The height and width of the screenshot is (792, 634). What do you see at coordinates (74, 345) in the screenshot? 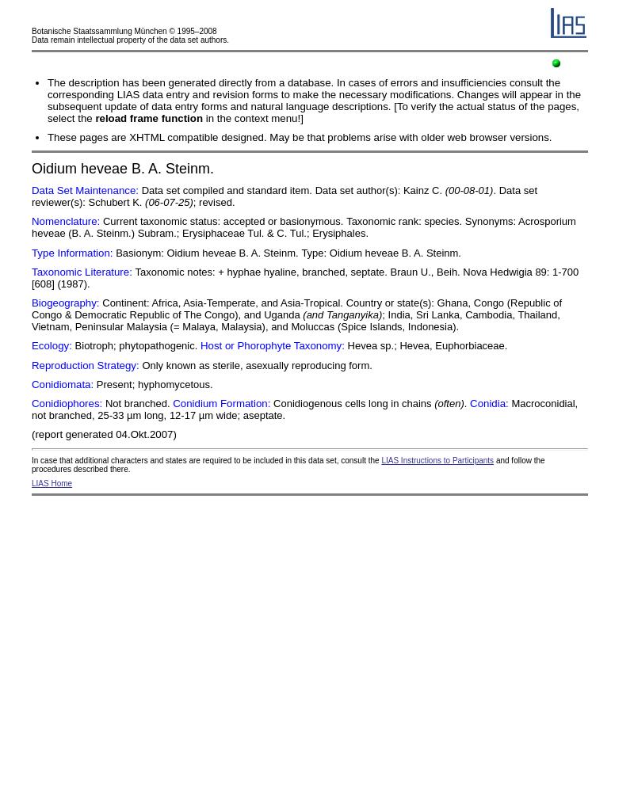
I see `'Biotroph;'` at bounding box center [74, 345].